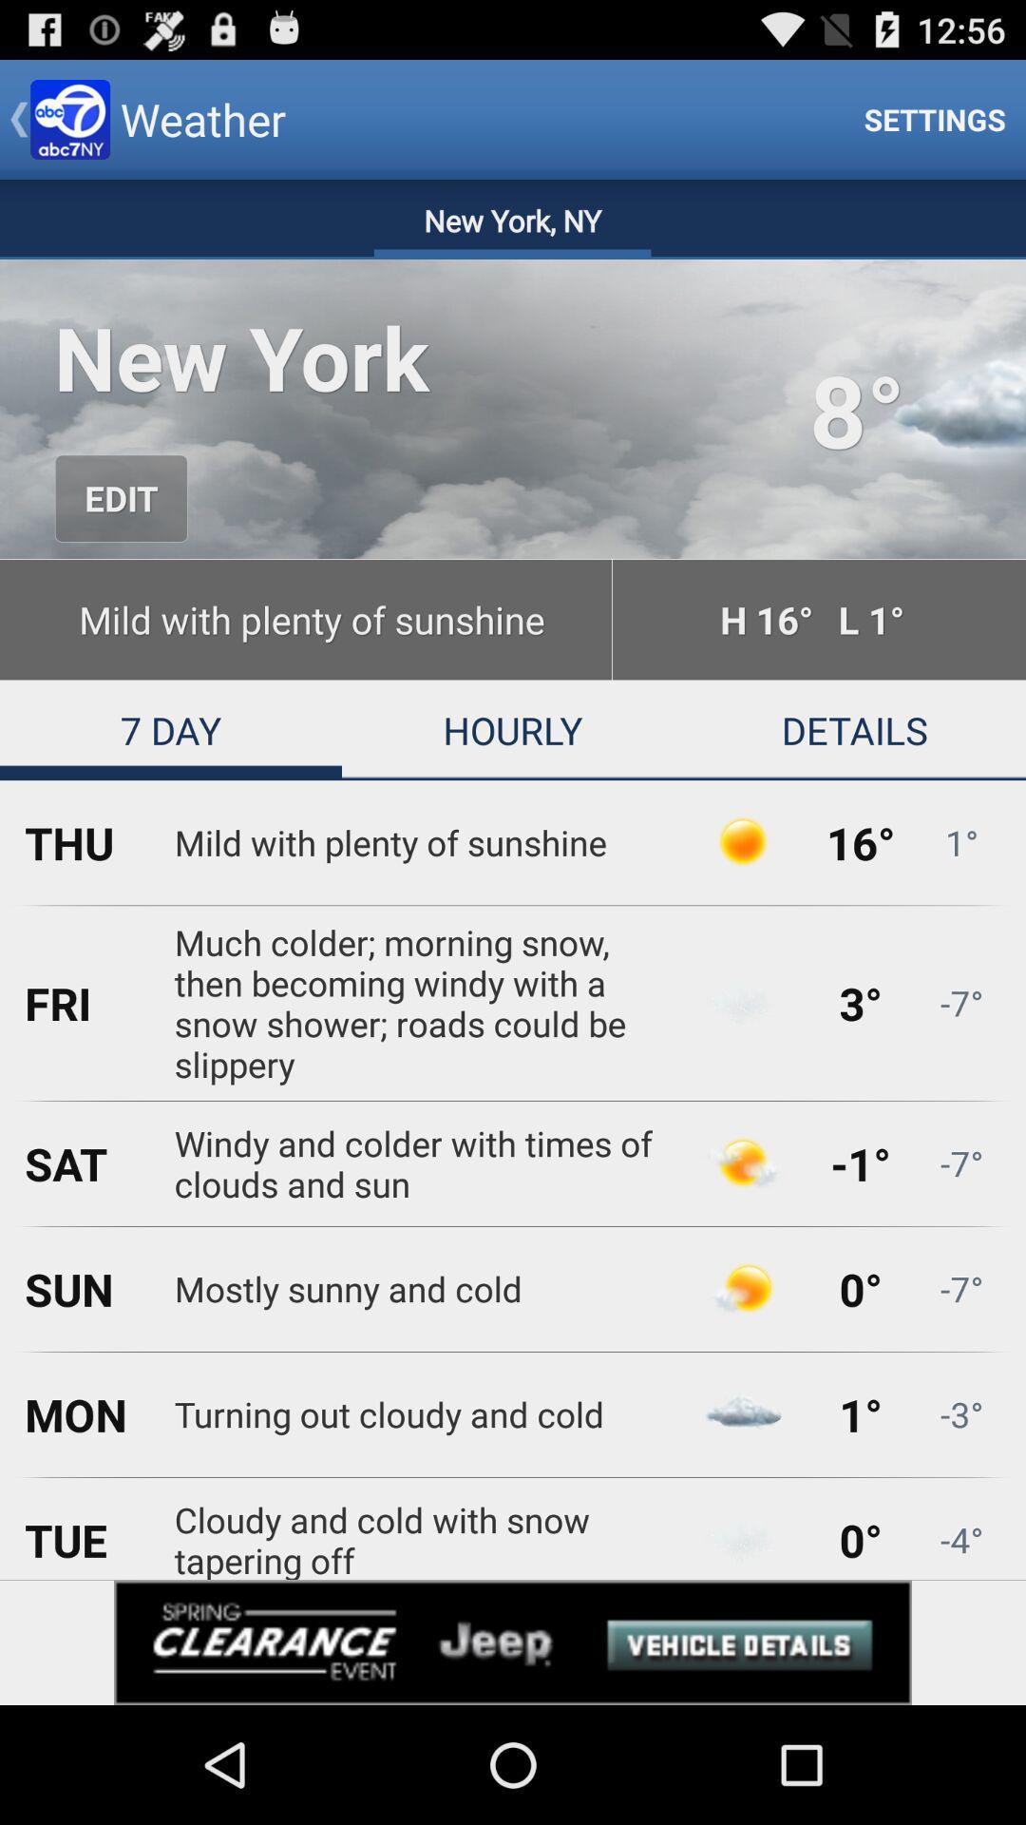 The image size is (1026, 1825). I want to click on the icon next to mostly sunny and cold, so click(742, 1289).